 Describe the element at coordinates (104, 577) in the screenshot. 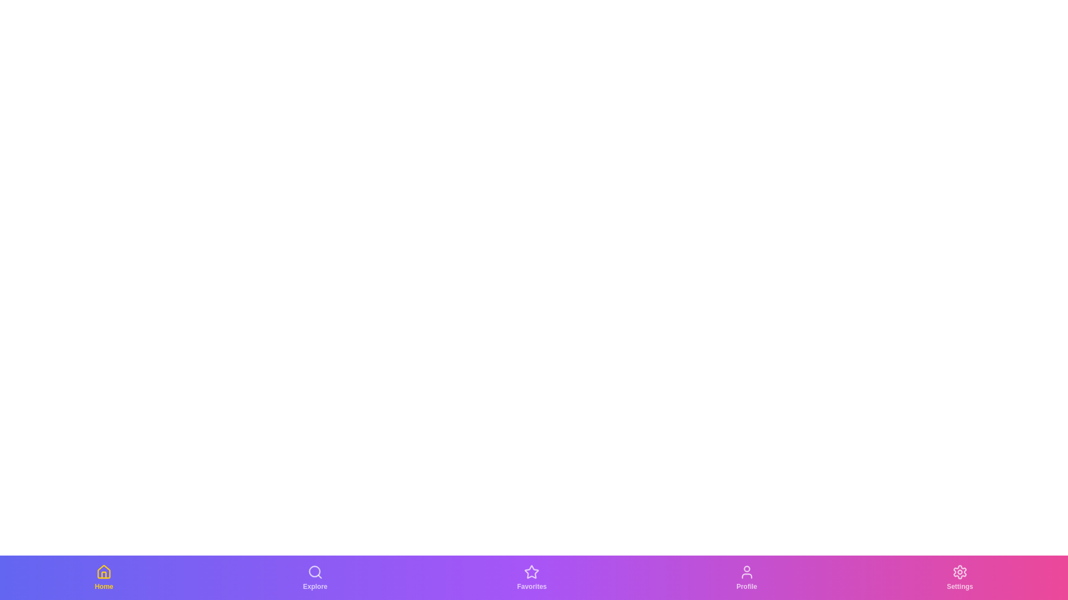

I see `the Home tab in the bottom navigation bar to switch to its corresponding view` at that location.